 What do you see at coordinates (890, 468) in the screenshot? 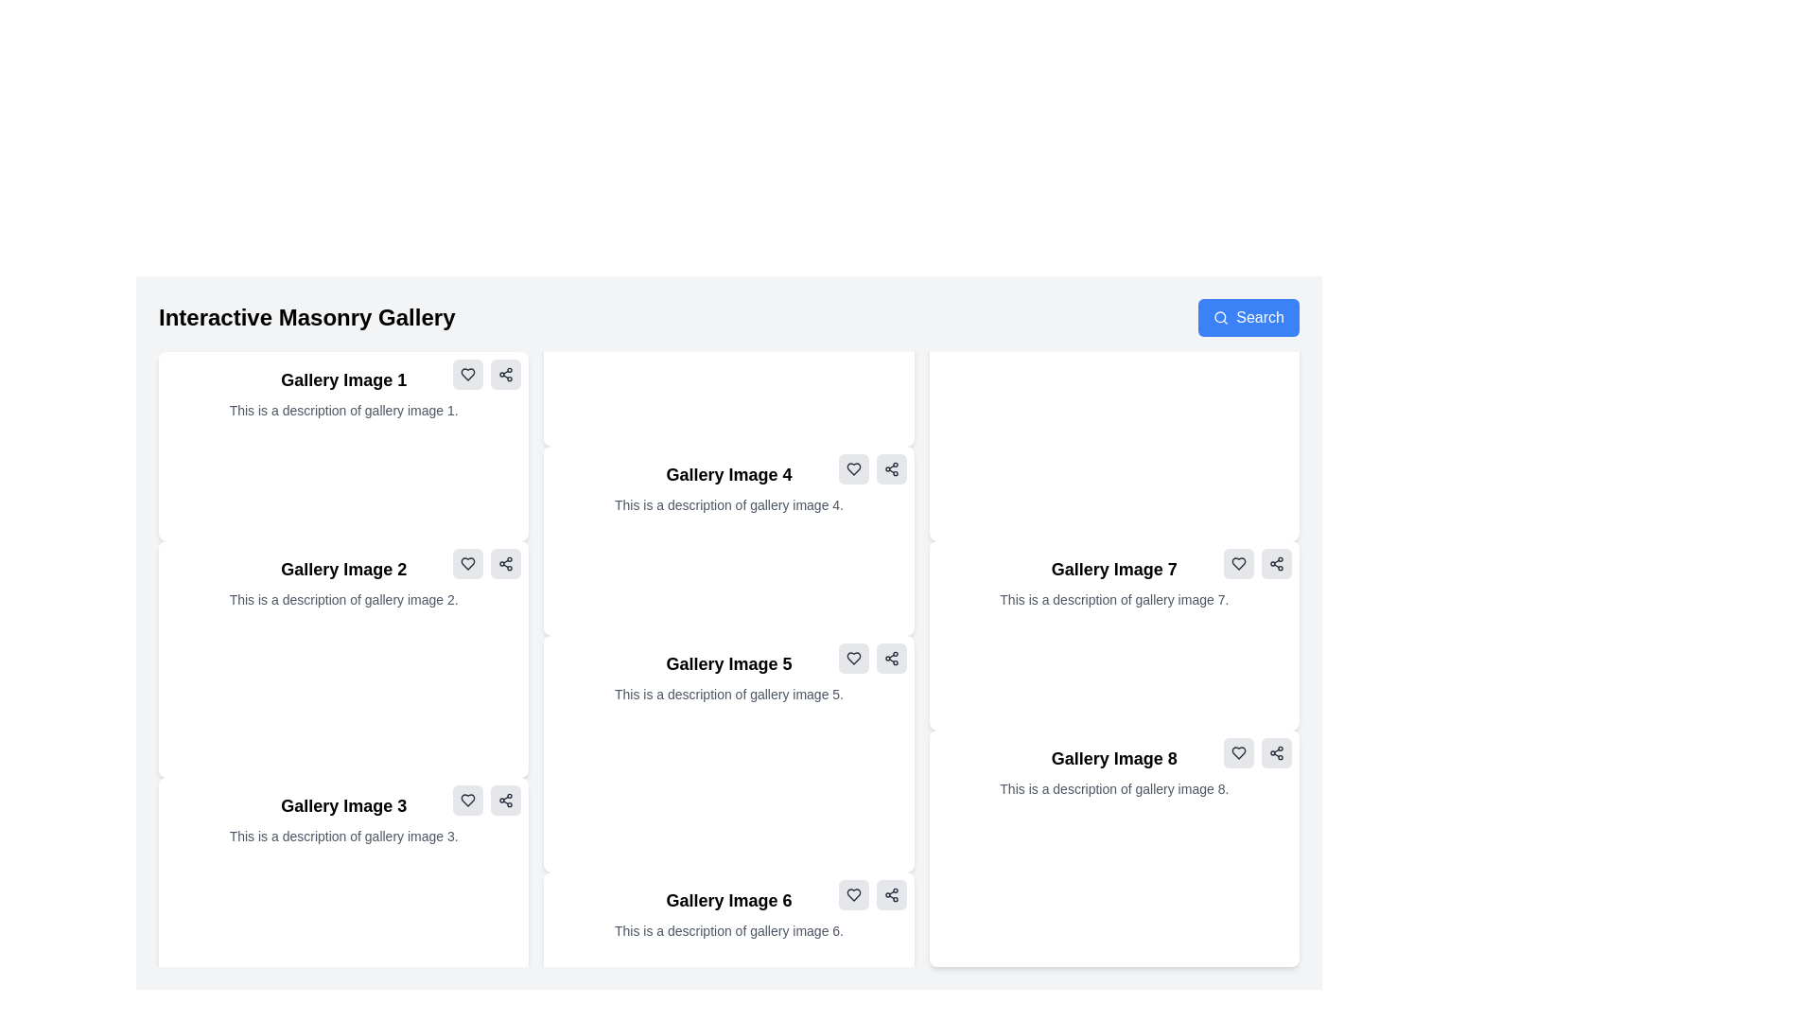
I see `the share button located in the top-right corner of the card labeled 'Gallery Image 4'` at bounding box center [890, 468].